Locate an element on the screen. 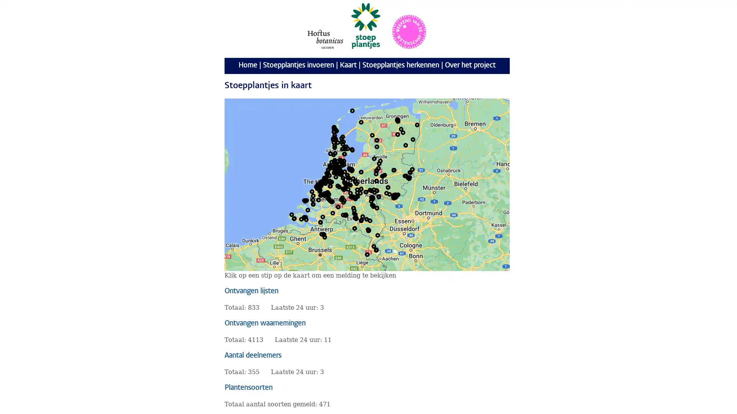 This screenshot has height=414, width=737. Telling van Mevr. M.A. De Wit op 13 juni 2022 is located at coordinates (379, 196).